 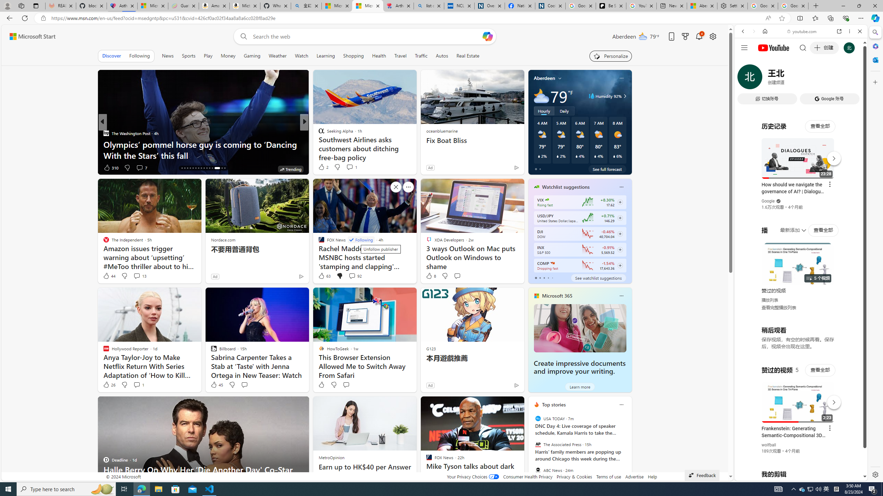 What do you see at coordinates (748, 397) in the screenshot?
I see `'Global web icon'` at bounding box center [748, 397].